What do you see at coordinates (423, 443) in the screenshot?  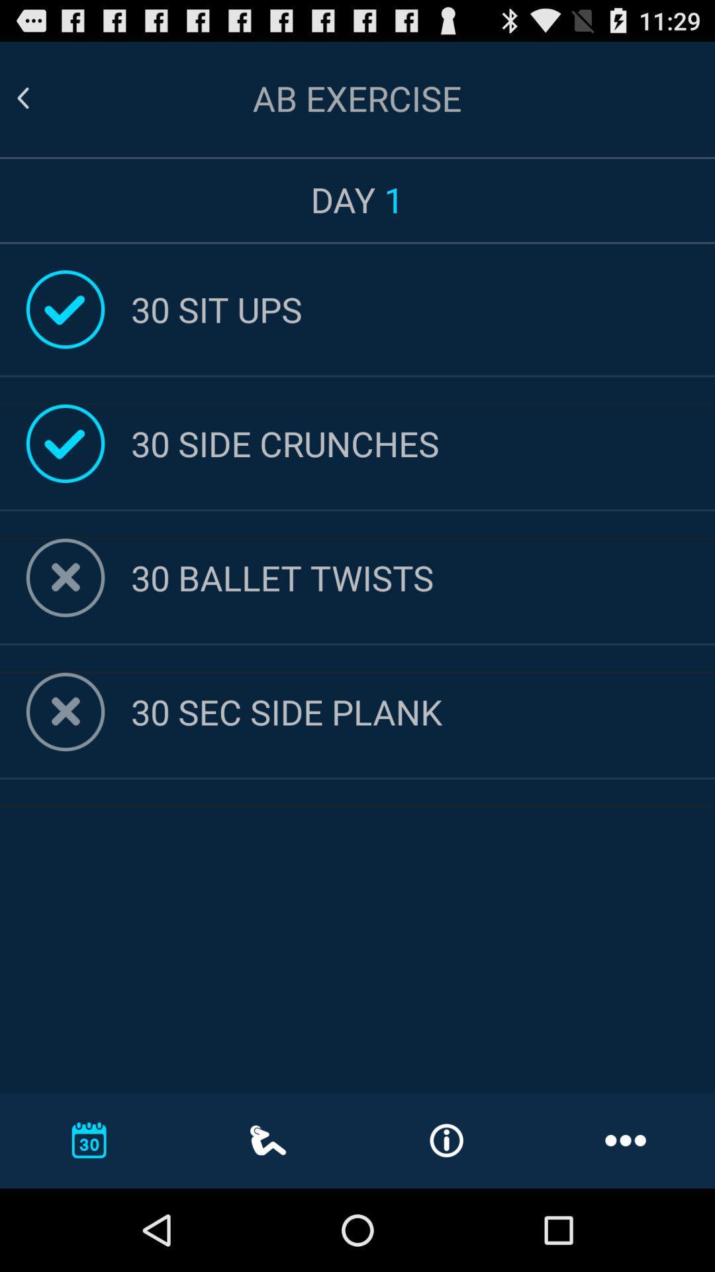 I see `30 side crunches` at bounding box center [423, 443].